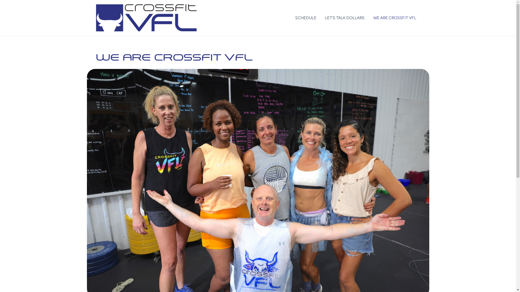  Describe the element at coordinates (305, 17) in the screenshot. I see `'SCHEDULE'` at that location.